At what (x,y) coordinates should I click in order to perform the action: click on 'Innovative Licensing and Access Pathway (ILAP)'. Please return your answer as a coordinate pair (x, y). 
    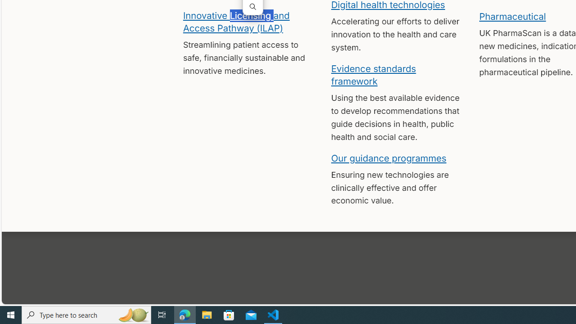
    Looking at the image, I should click on (236, 21).